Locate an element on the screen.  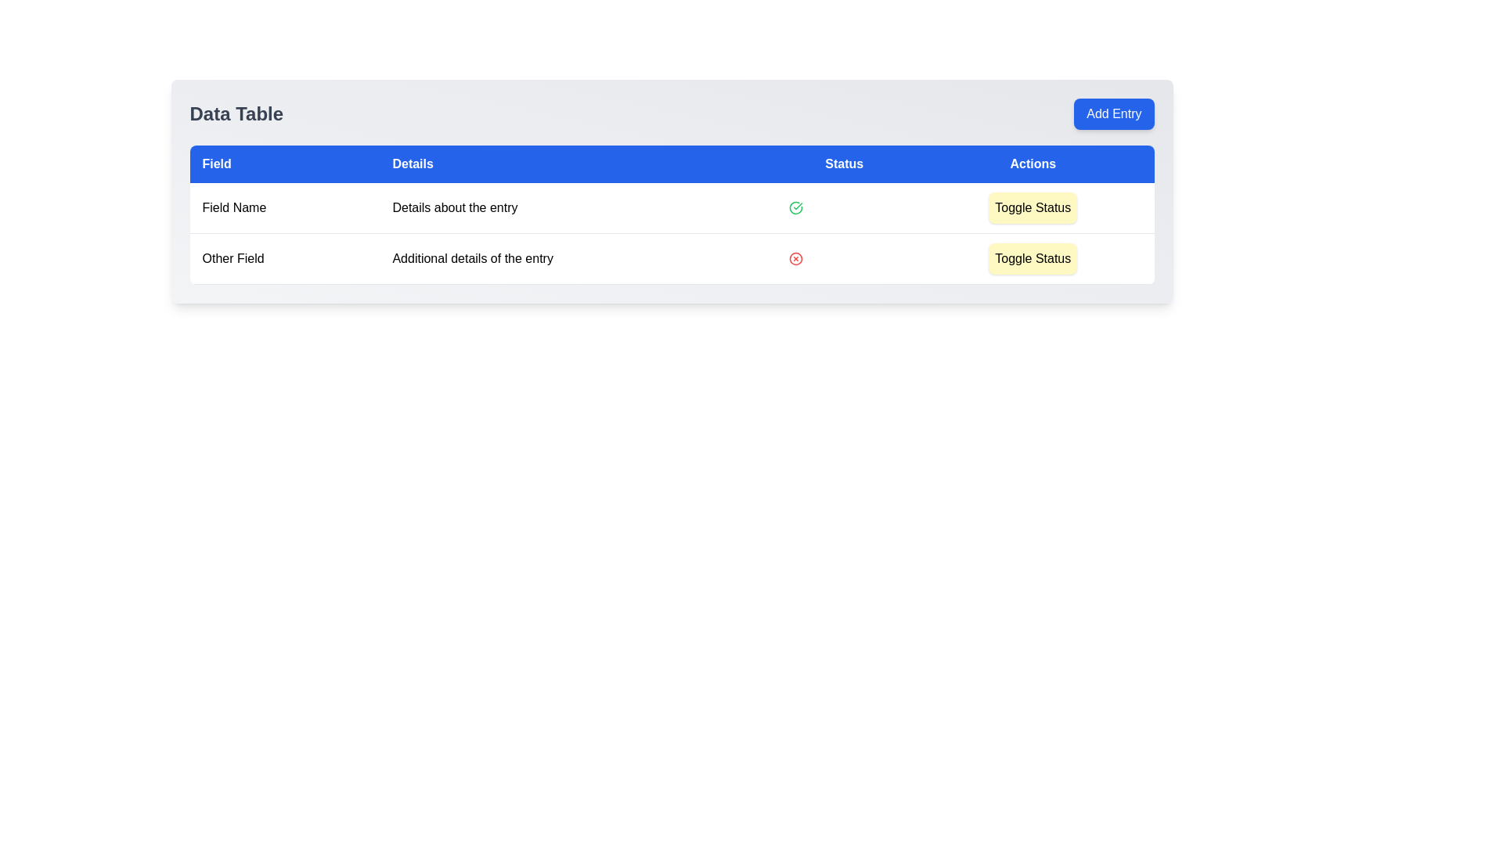
the textual display field located in the second column of the first row of the data table, which displays information associated with the corresponding 'Field Name' is located at coordinates (577, 207).